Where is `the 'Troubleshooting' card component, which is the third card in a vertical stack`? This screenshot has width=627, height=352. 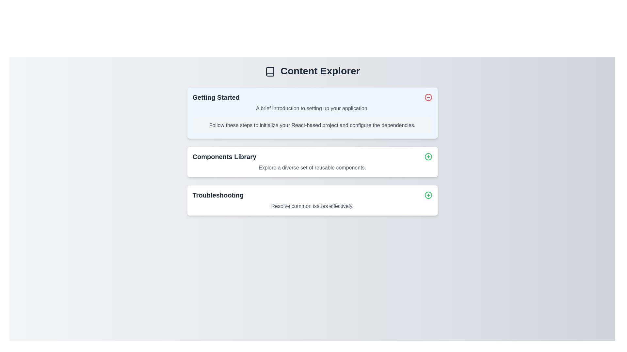
the 'Troubleshooting' card component, which is the third card in a vertical stack is located at coordinates (312, 200).